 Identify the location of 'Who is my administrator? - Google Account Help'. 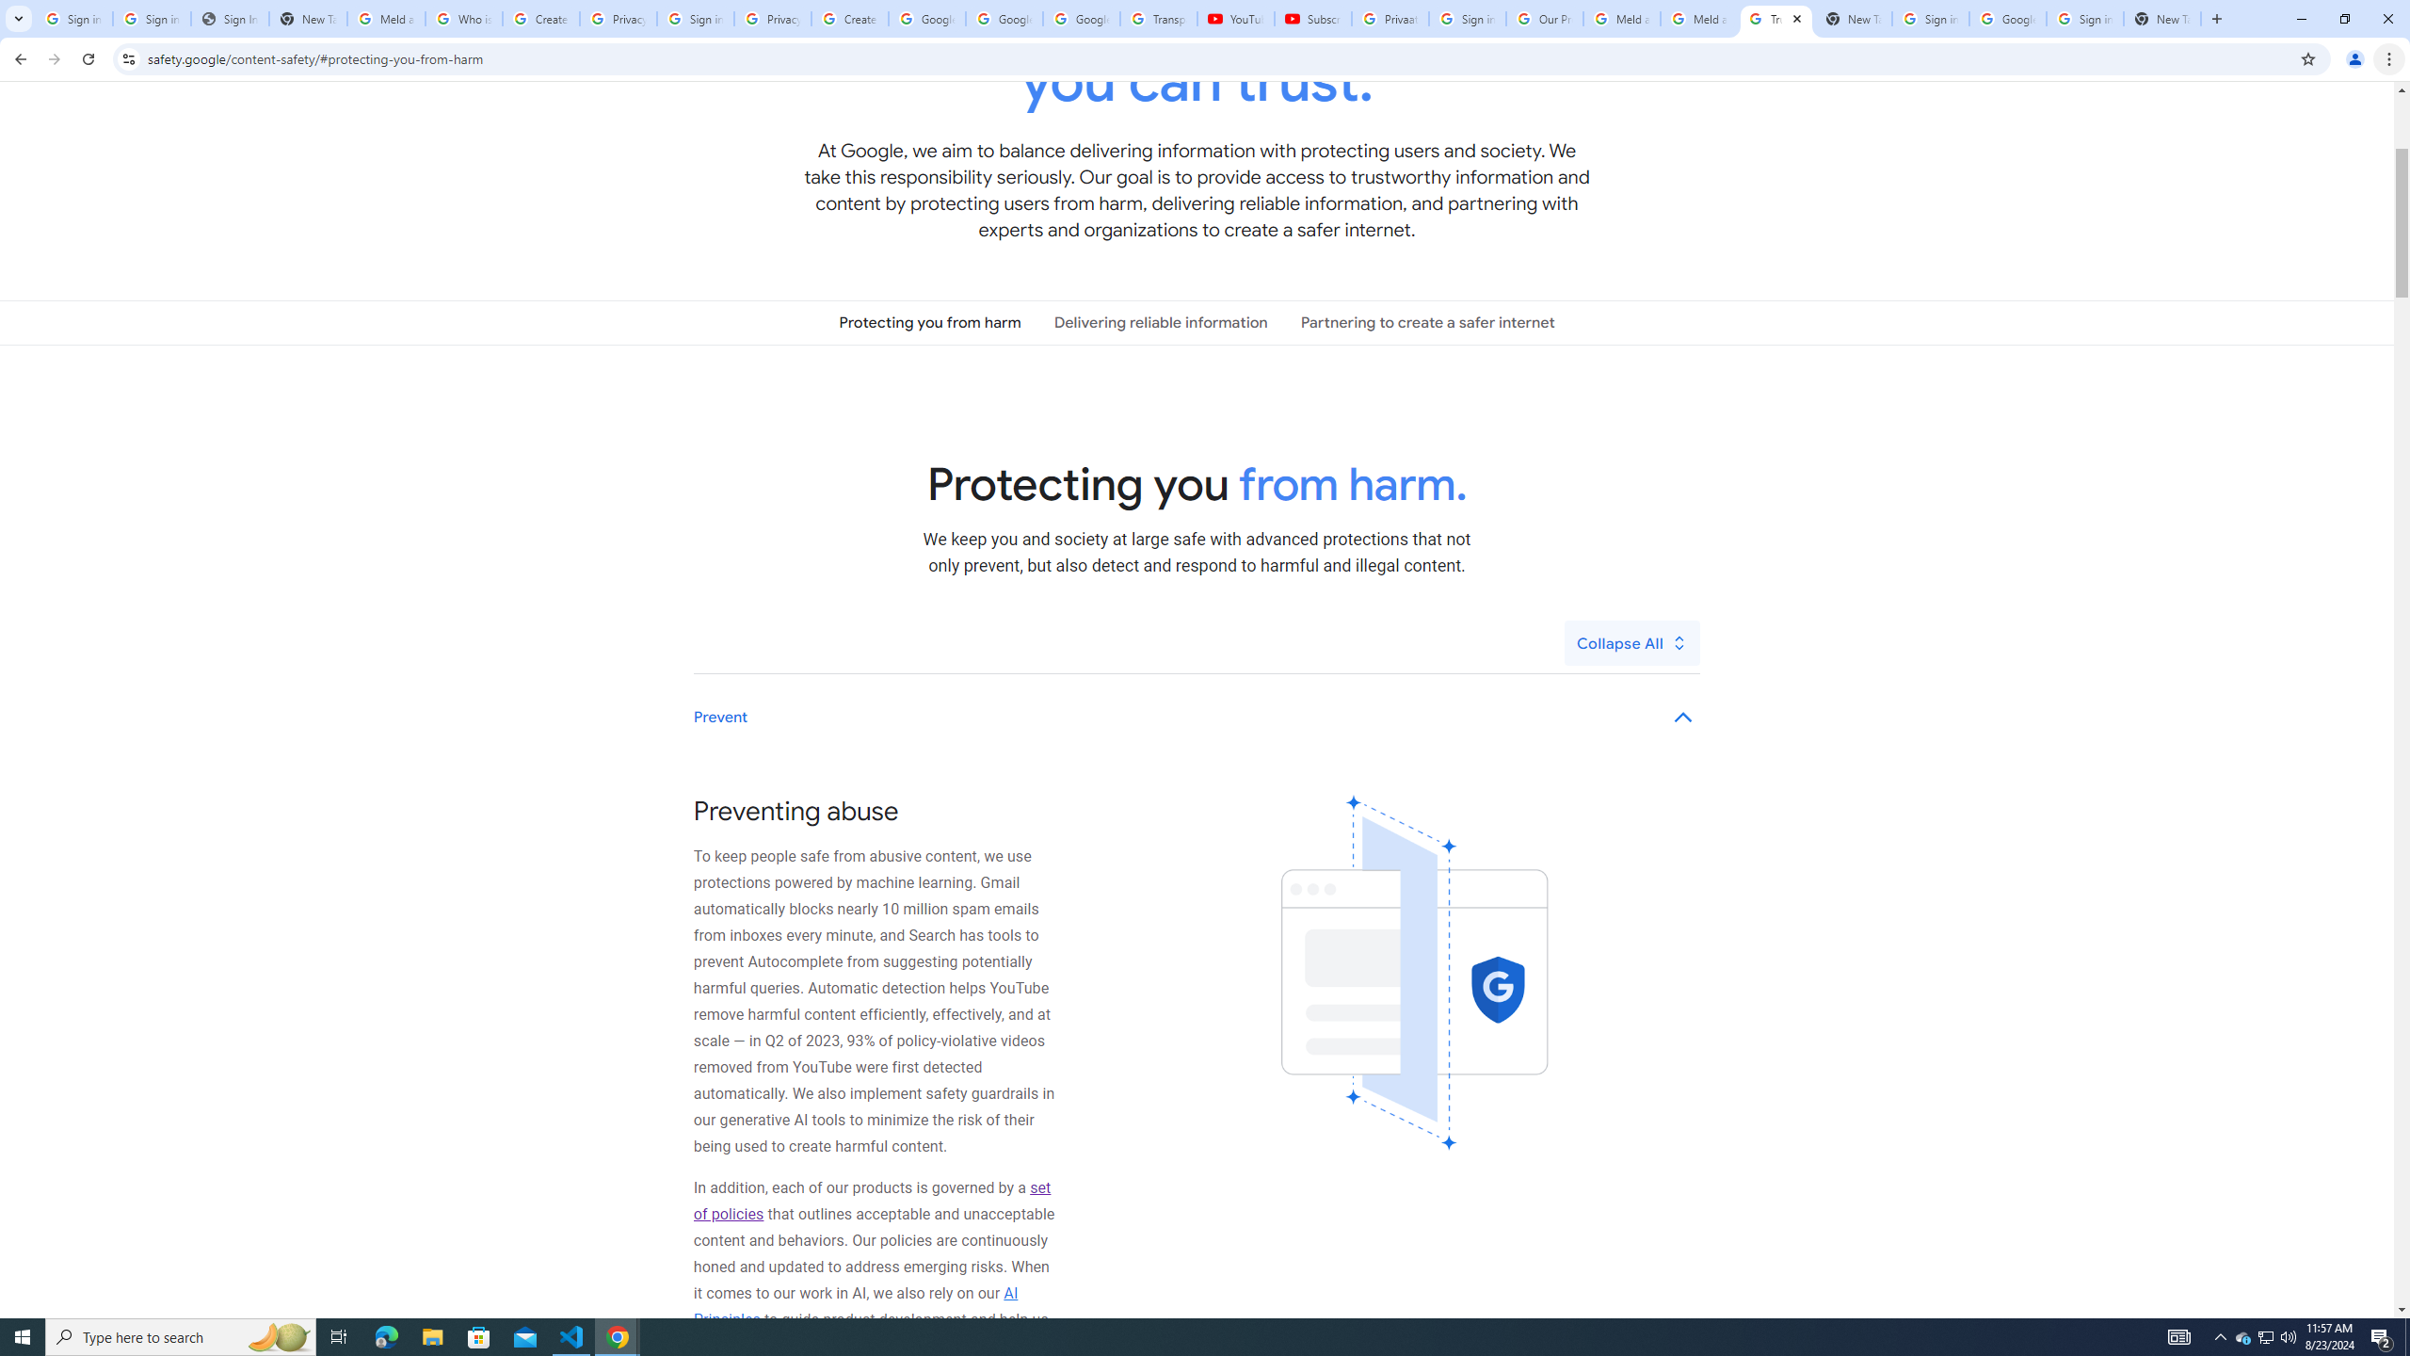
(463, 18).